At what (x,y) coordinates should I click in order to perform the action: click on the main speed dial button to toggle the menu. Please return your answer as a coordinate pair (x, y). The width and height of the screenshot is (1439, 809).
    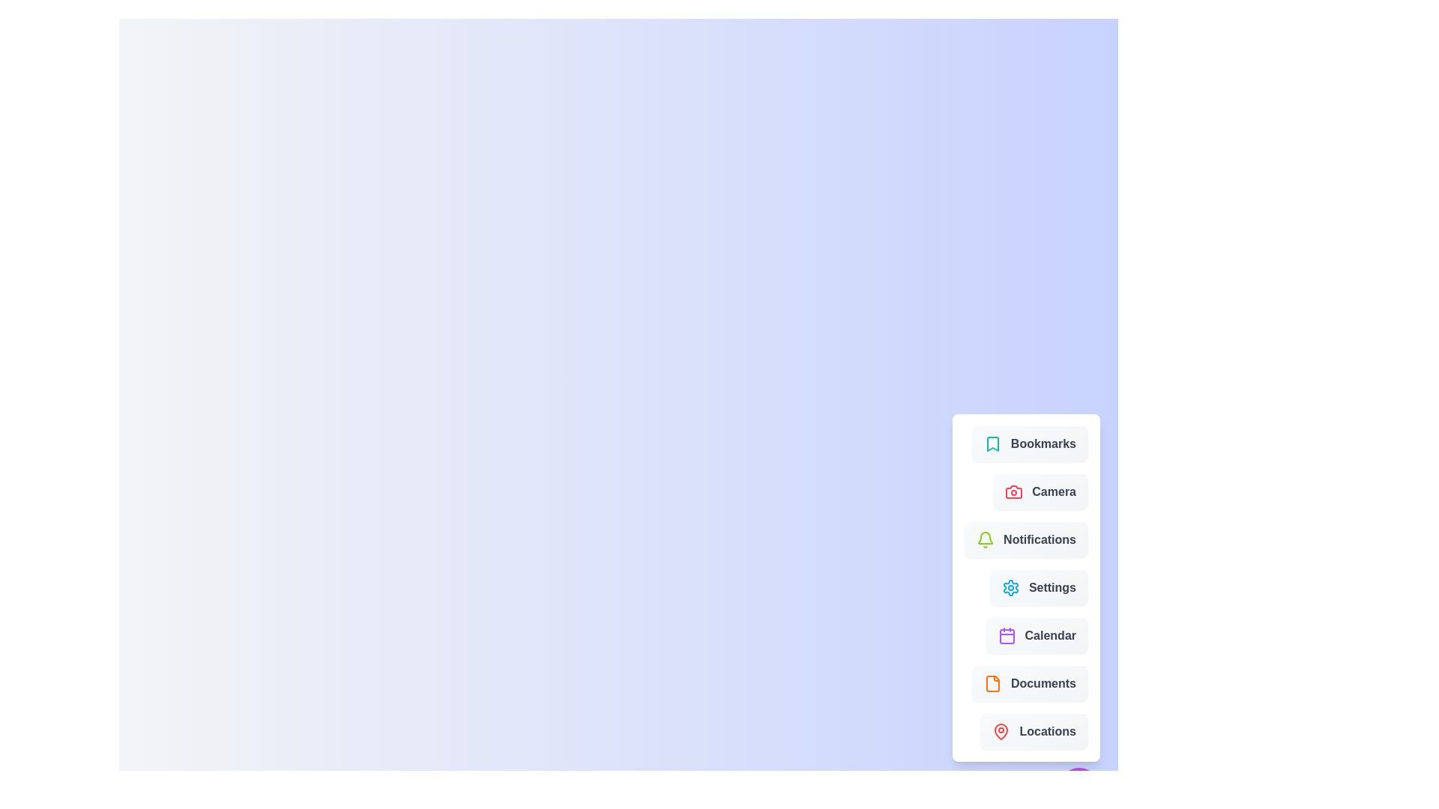
    Looking at the image, I should click on (1079, 788).